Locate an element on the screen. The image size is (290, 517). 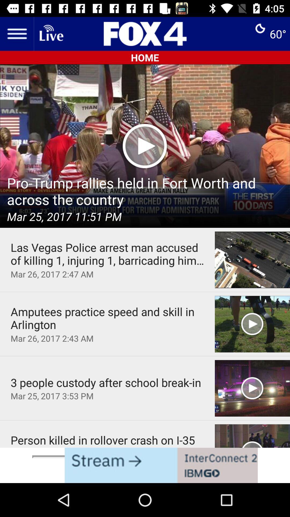
the menu icon is located at coordinates (16, 33).